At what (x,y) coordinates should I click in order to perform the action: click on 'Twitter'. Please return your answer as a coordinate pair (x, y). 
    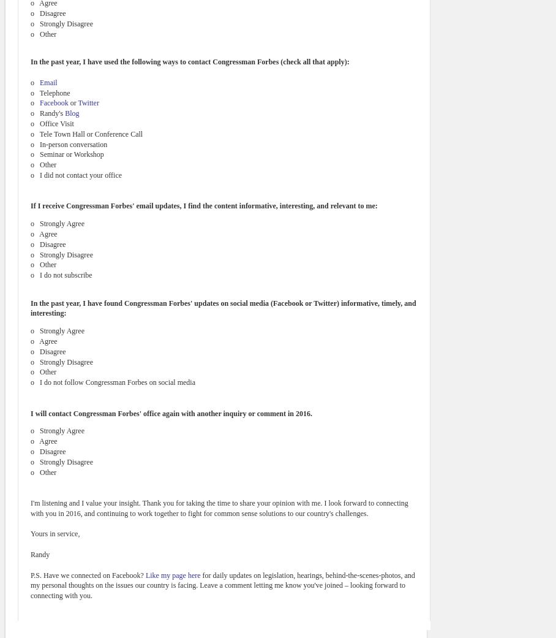
    Looking at the image, I should click on (78, 103).